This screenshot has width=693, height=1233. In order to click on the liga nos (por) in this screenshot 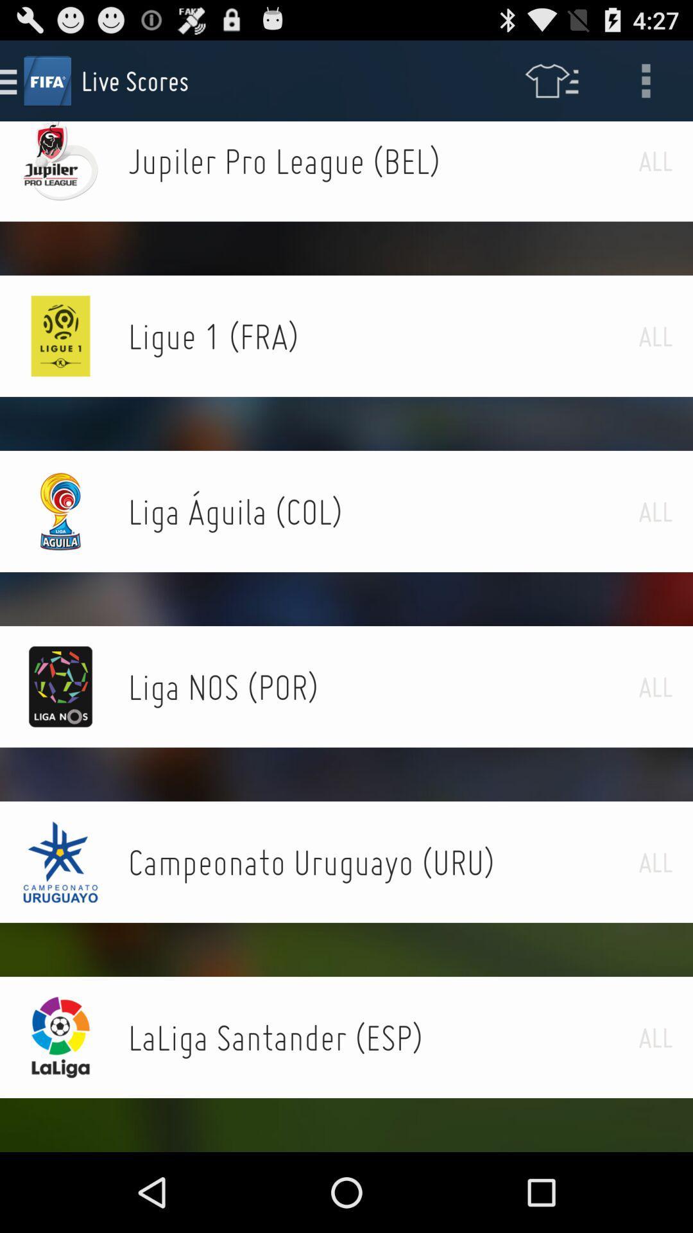, I will do `click(382, 686)`.